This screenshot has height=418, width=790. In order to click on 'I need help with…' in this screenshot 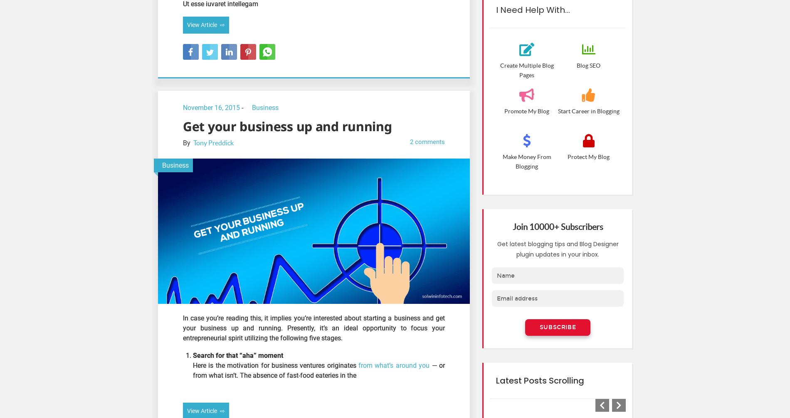, I will do `click(532, 9)`.